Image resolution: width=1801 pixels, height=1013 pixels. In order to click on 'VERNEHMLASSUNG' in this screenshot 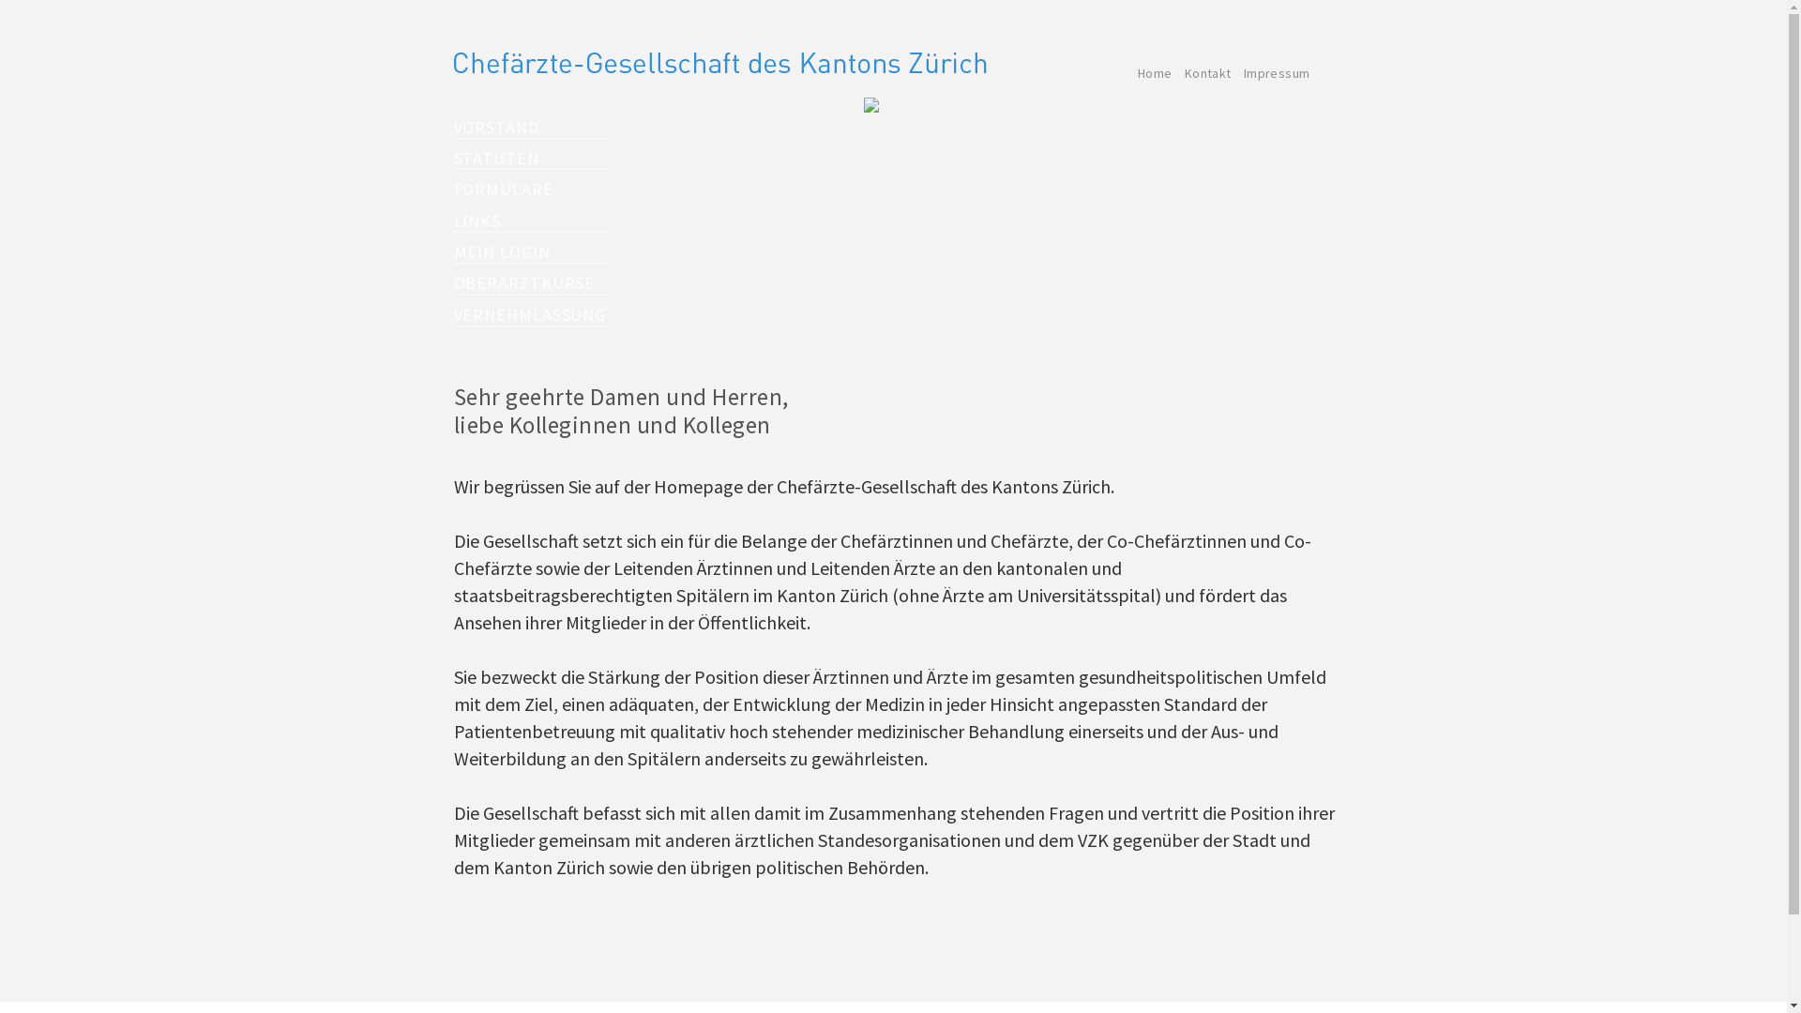, I will do `click(529, 313)`.